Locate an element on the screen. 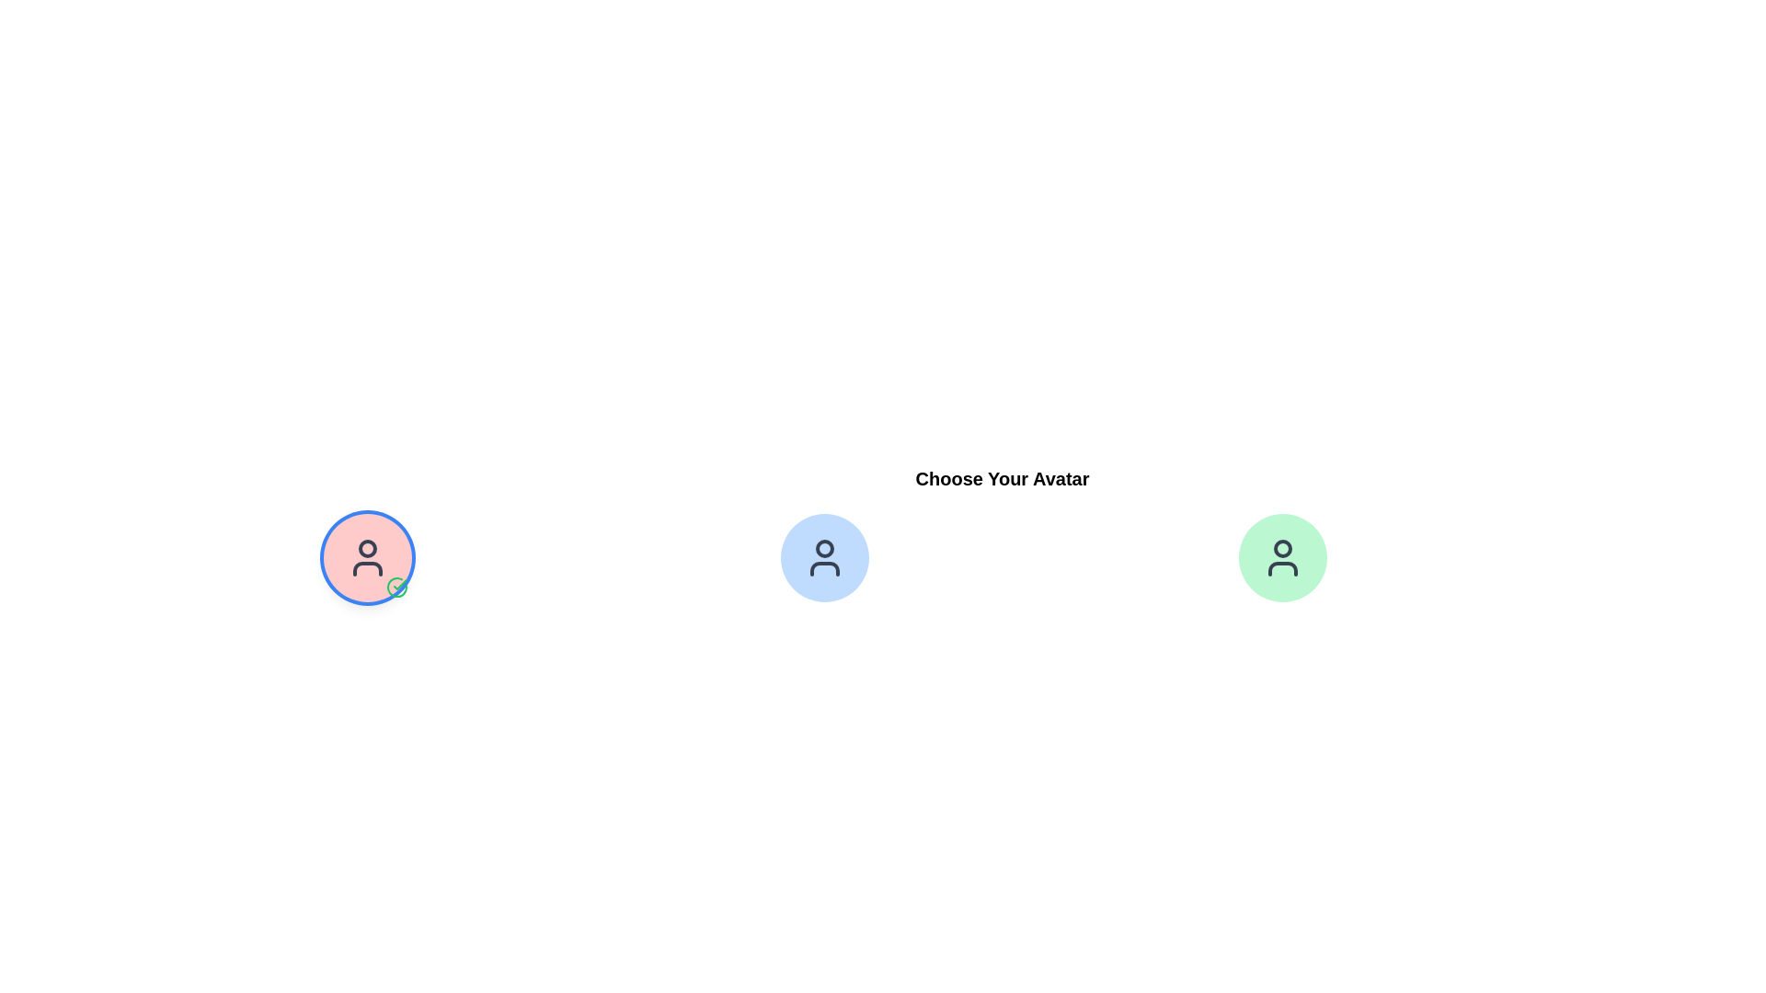  the user icon is located at coordinates (367, 556).